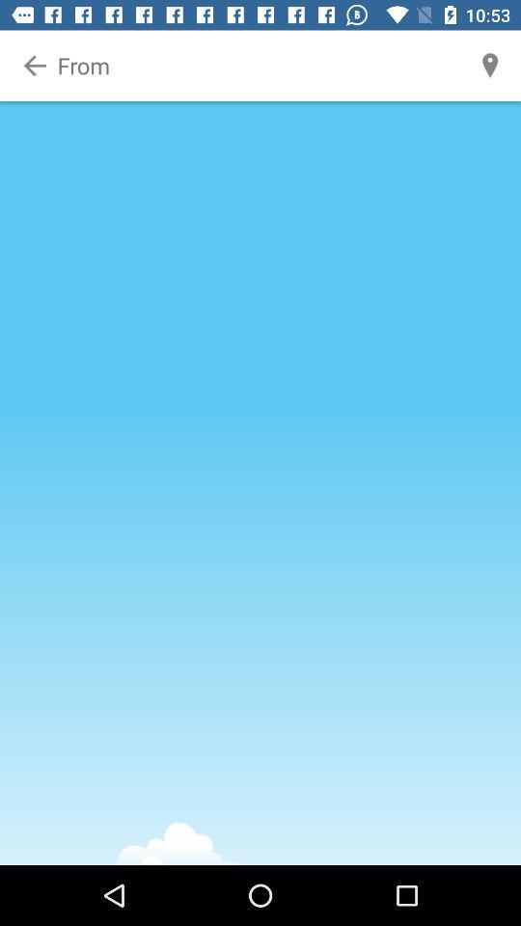  I want to click on go back, so click(35, 66).